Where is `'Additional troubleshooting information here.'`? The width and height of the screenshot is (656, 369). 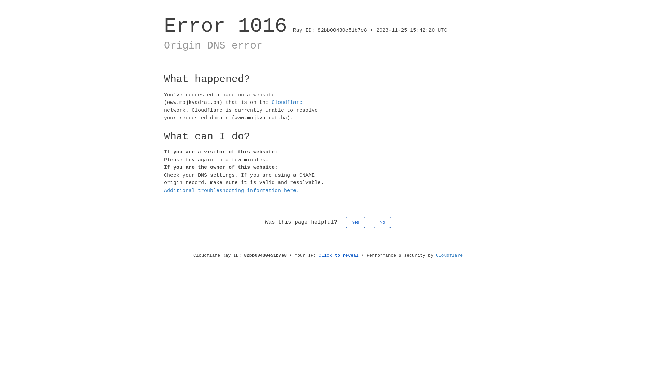 'Additional troubleshooting information here.' is located at coordinates (231, 191).